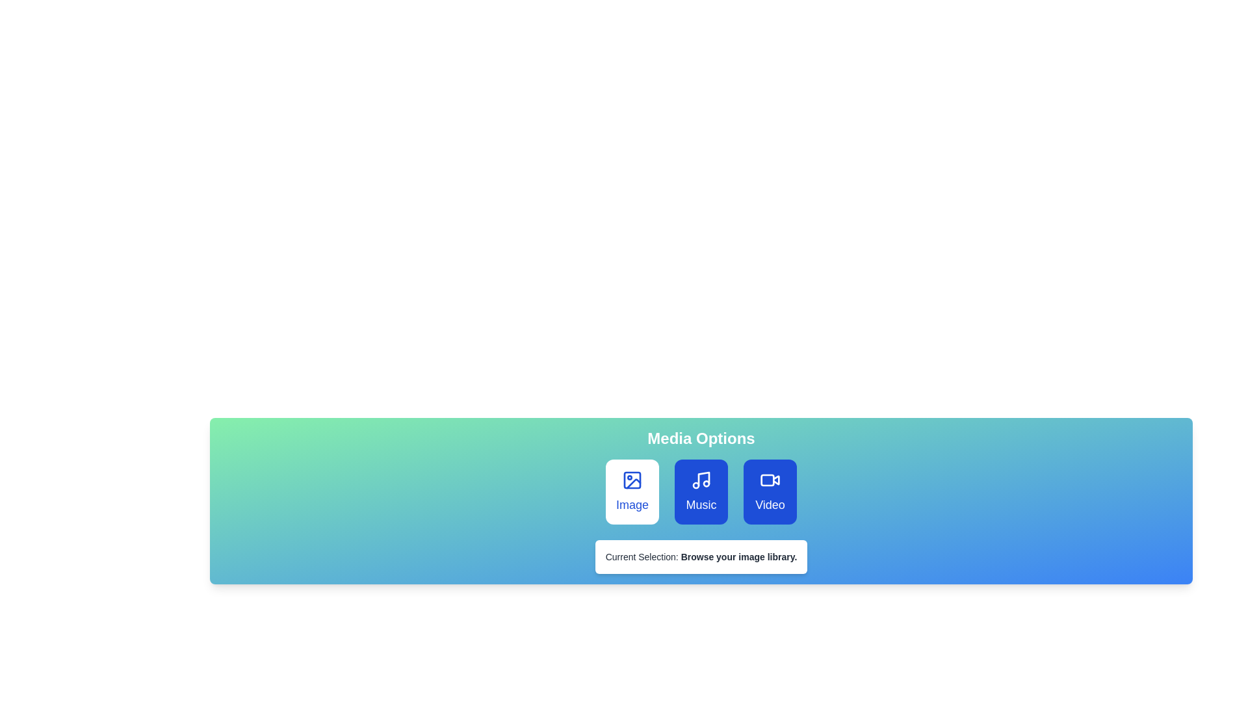  What do you see at coordinates (701, 480) in the screenshot?
I see `the music note icon, which is visually characterized by its streamlined design featuring a vertical line and tied note heads, situated centrally within the 'Music' option group` at bounding box center [701, 480].